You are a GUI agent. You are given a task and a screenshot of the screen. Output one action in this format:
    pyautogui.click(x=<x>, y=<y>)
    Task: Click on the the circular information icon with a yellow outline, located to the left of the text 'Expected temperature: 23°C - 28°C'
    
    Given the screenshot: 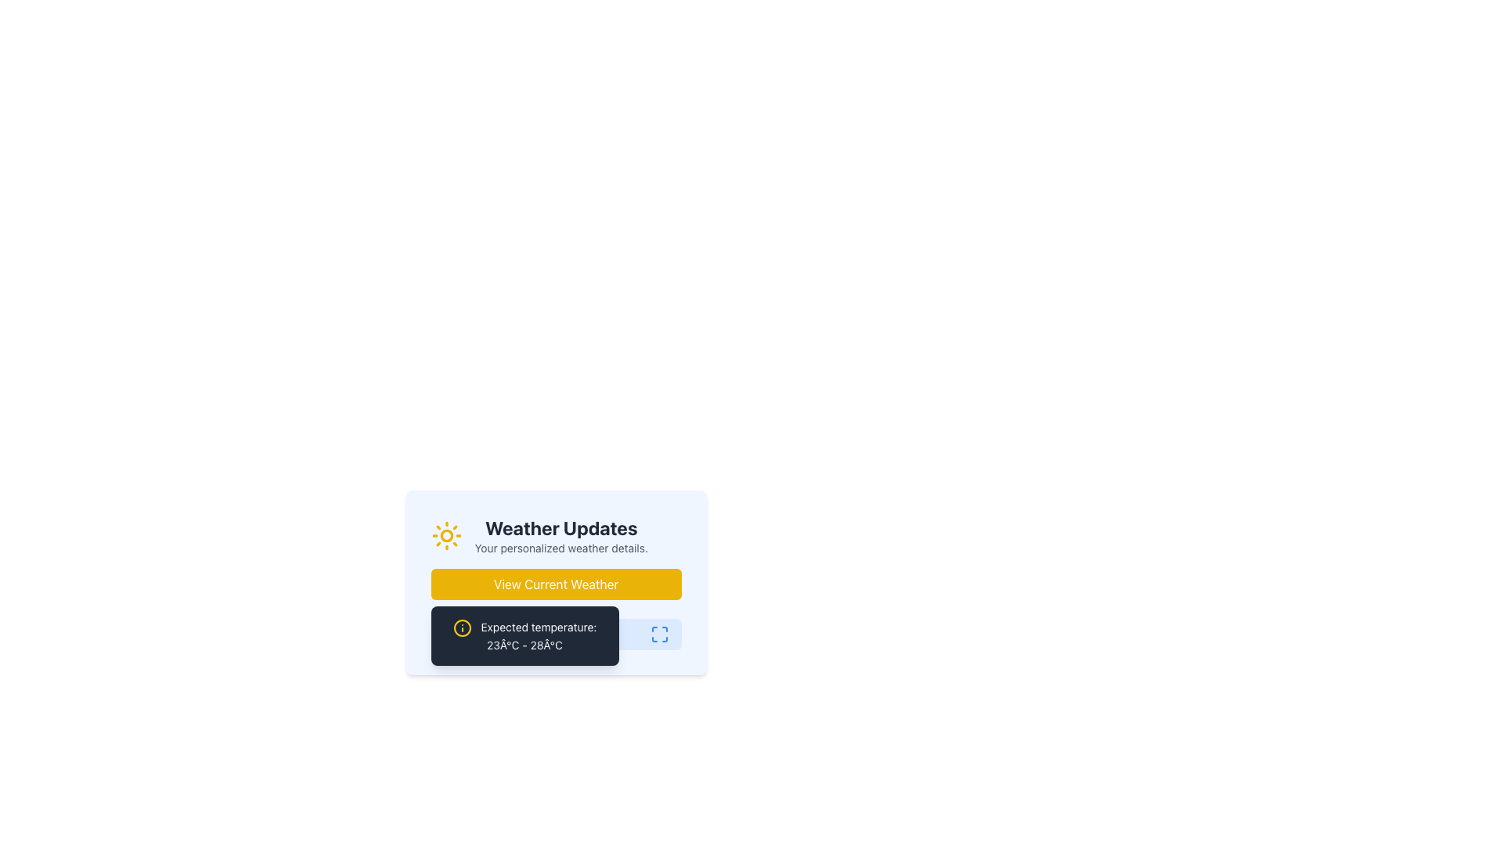 What is the action you would take?
    pyautogui.click(x=461, y=627)
    